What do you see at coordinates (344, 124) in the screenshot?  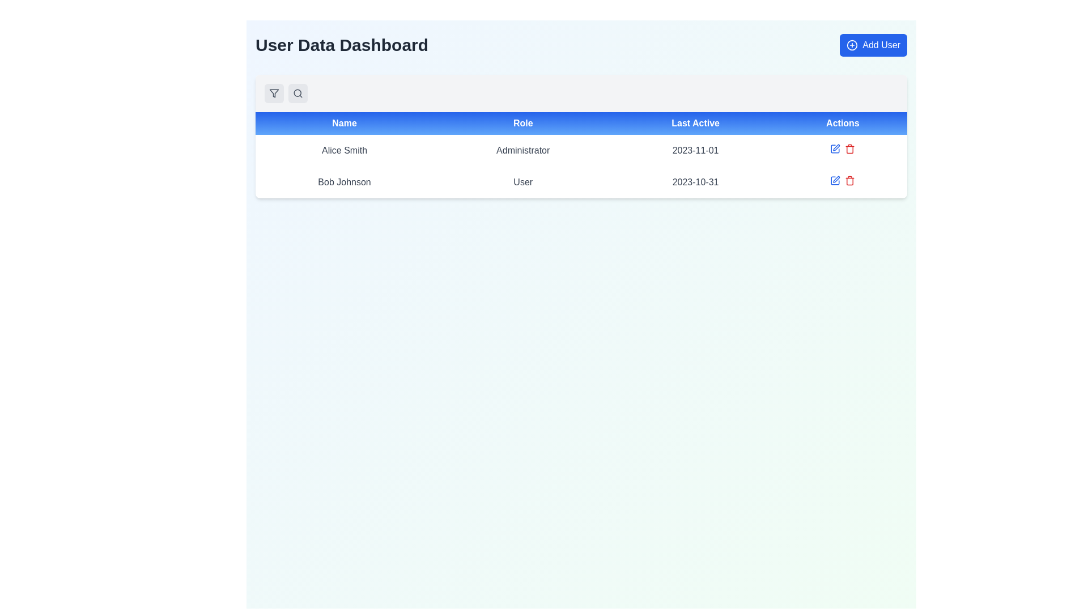 I see `the text label that displays 'Name', which is the first column header in a row of headers including 'Role', 'Last Active', and 'Actions', located at the far left of the header row below the dashboard title` at bounding box center [344, 124].